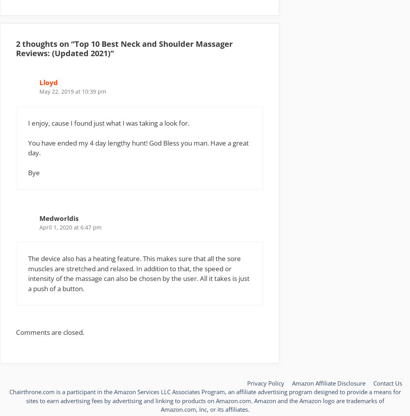  What do you see at coordinates (73, 91) in the screenshot?
I see `'May 22, 2019 at 10:39 pm'` at bounding box center [73, 91].